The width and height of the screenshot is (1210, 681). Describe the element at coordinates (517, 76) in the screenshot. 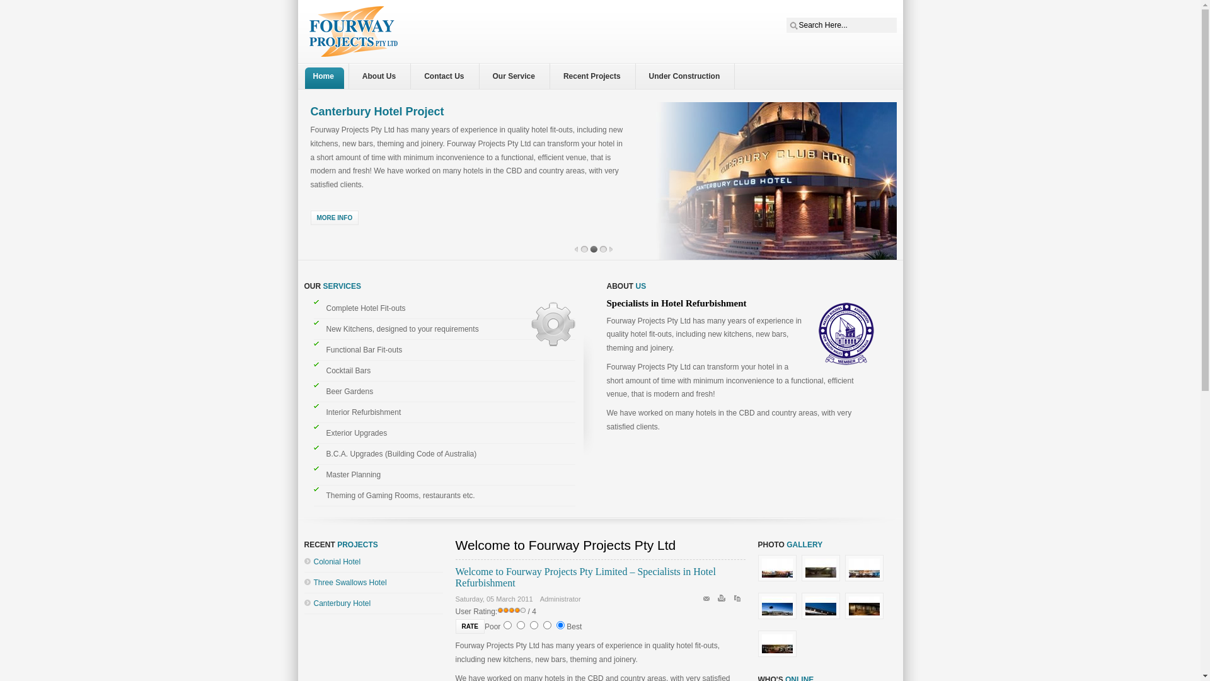

I see `'Our Service'` at that location.